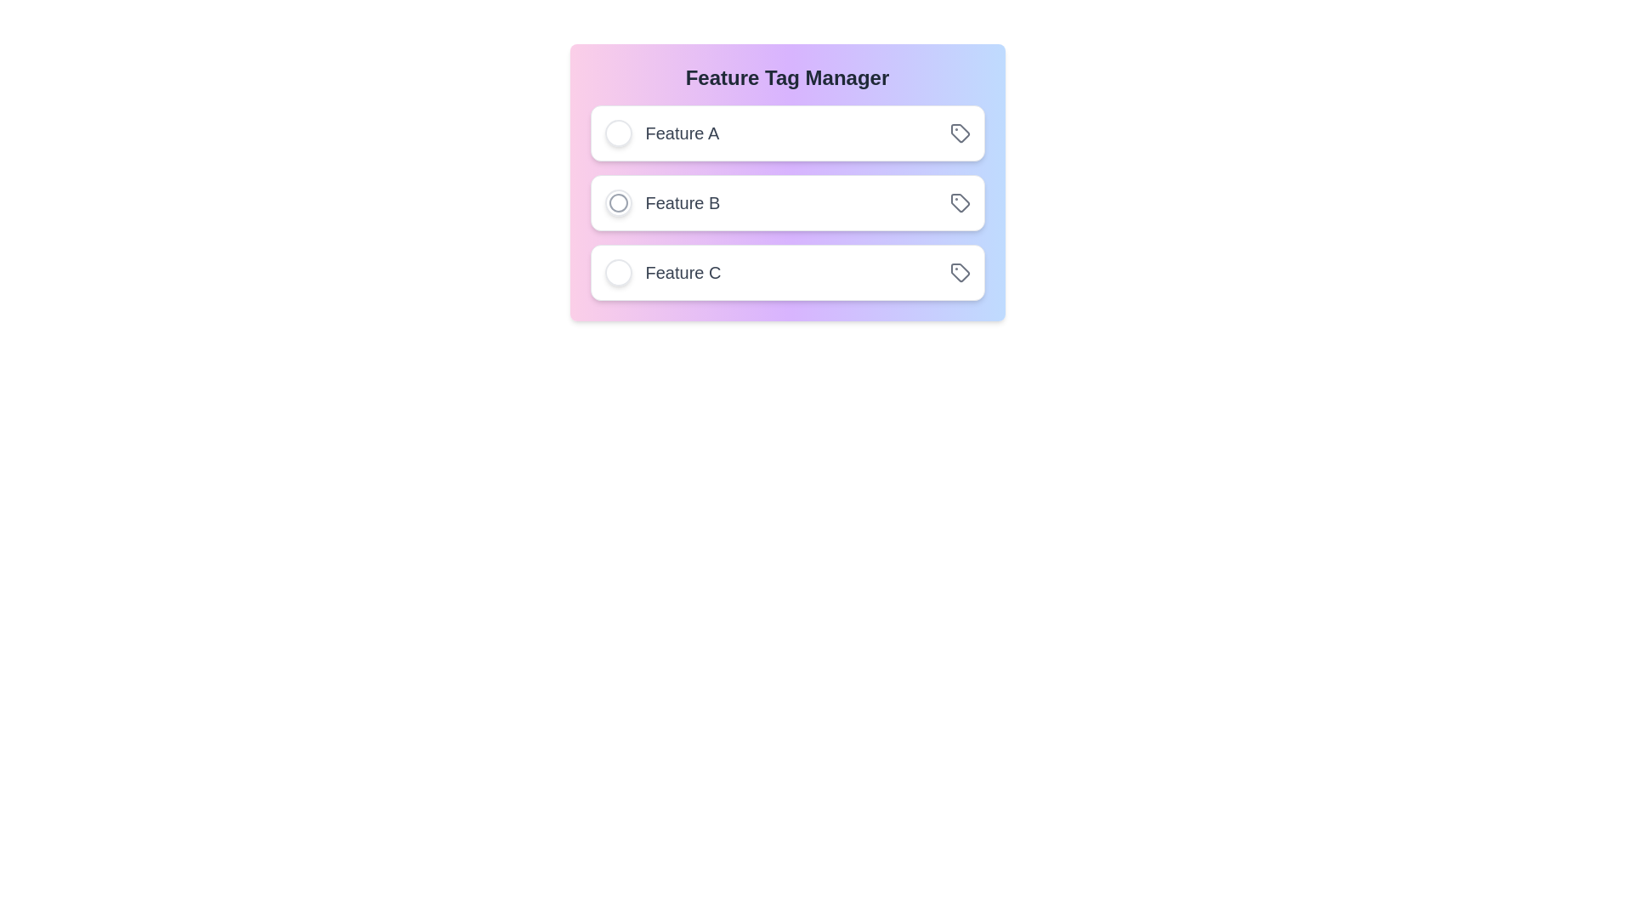 This screenshot has width=1632, height=918. Describe the element at coordinates (959, 131) in the screenshot. I see `the first tag icon associated with 'Feature A'` at that location.